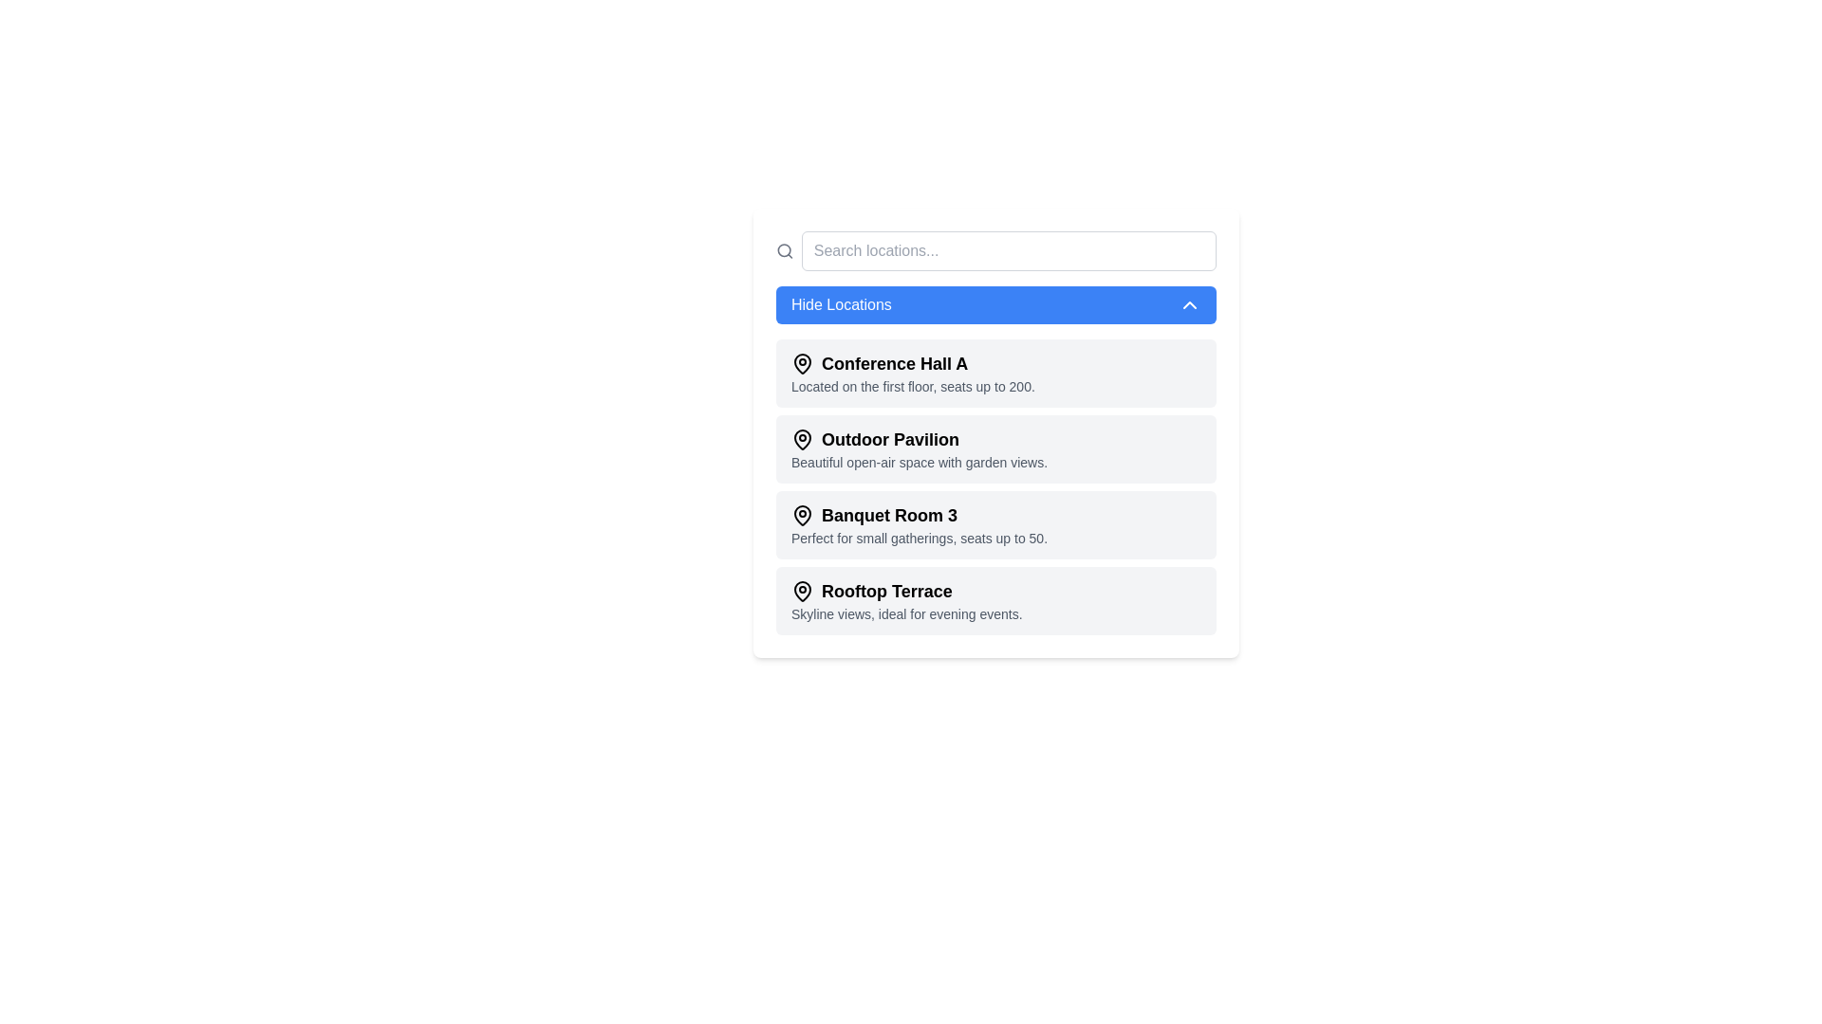 Image resolution: width=1822 pixels, height=1024 pixels. What do you see at coordinates (905, 600) in the screenshot?
I see `the fourth item in the vertical list of location options labeled 'Rooftop Terrace'` at bounding box center [905, 600].